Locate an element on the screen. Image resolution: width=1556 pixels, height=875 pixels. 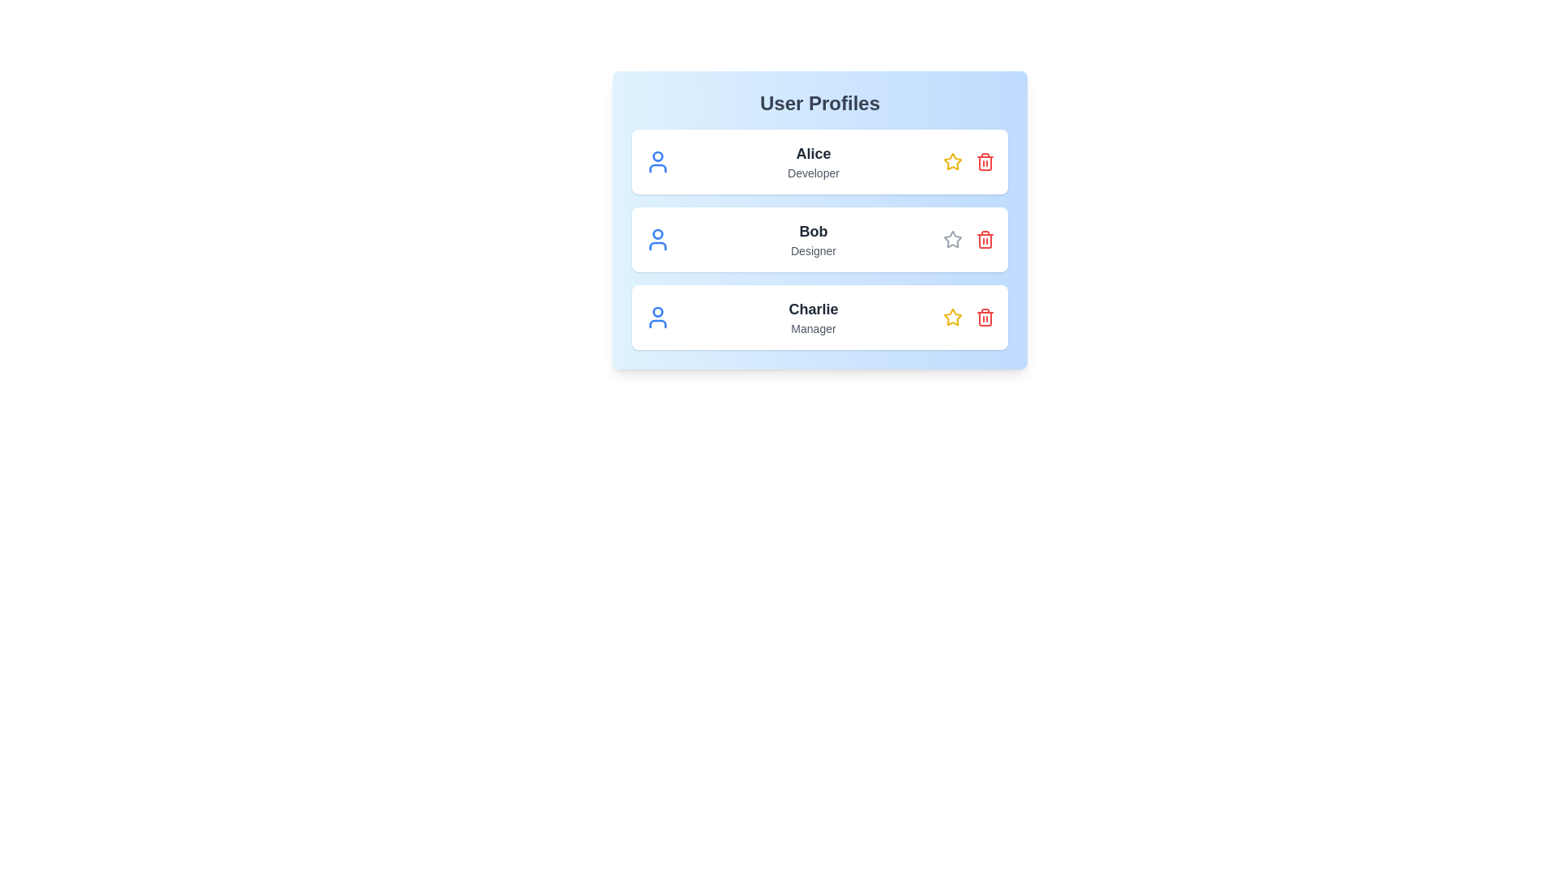
star icon associated with the user profile named Charlie to toggle its 'liked' status is located at coordinates (953, 318).